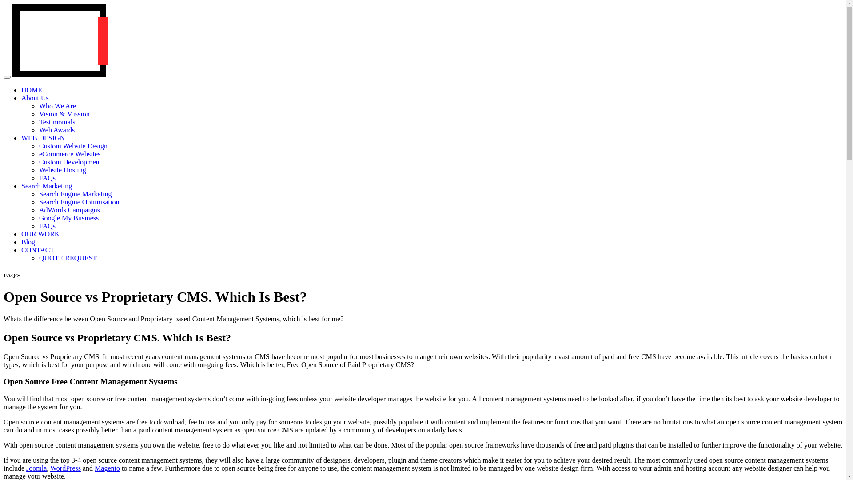  Describe the element at coordinates (64, 113) in the screenshot. I see `'Vision & Mission'` at that location.